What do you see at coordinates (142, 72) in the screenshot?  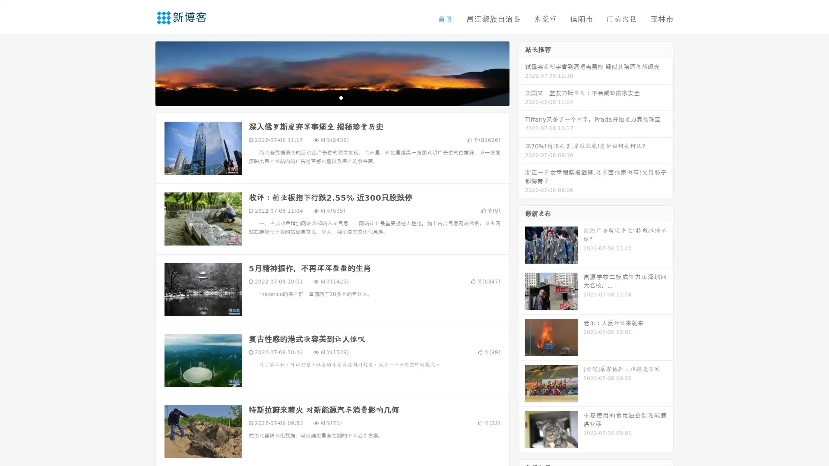 I see `Previous slide` at bounding box center [142, 72].